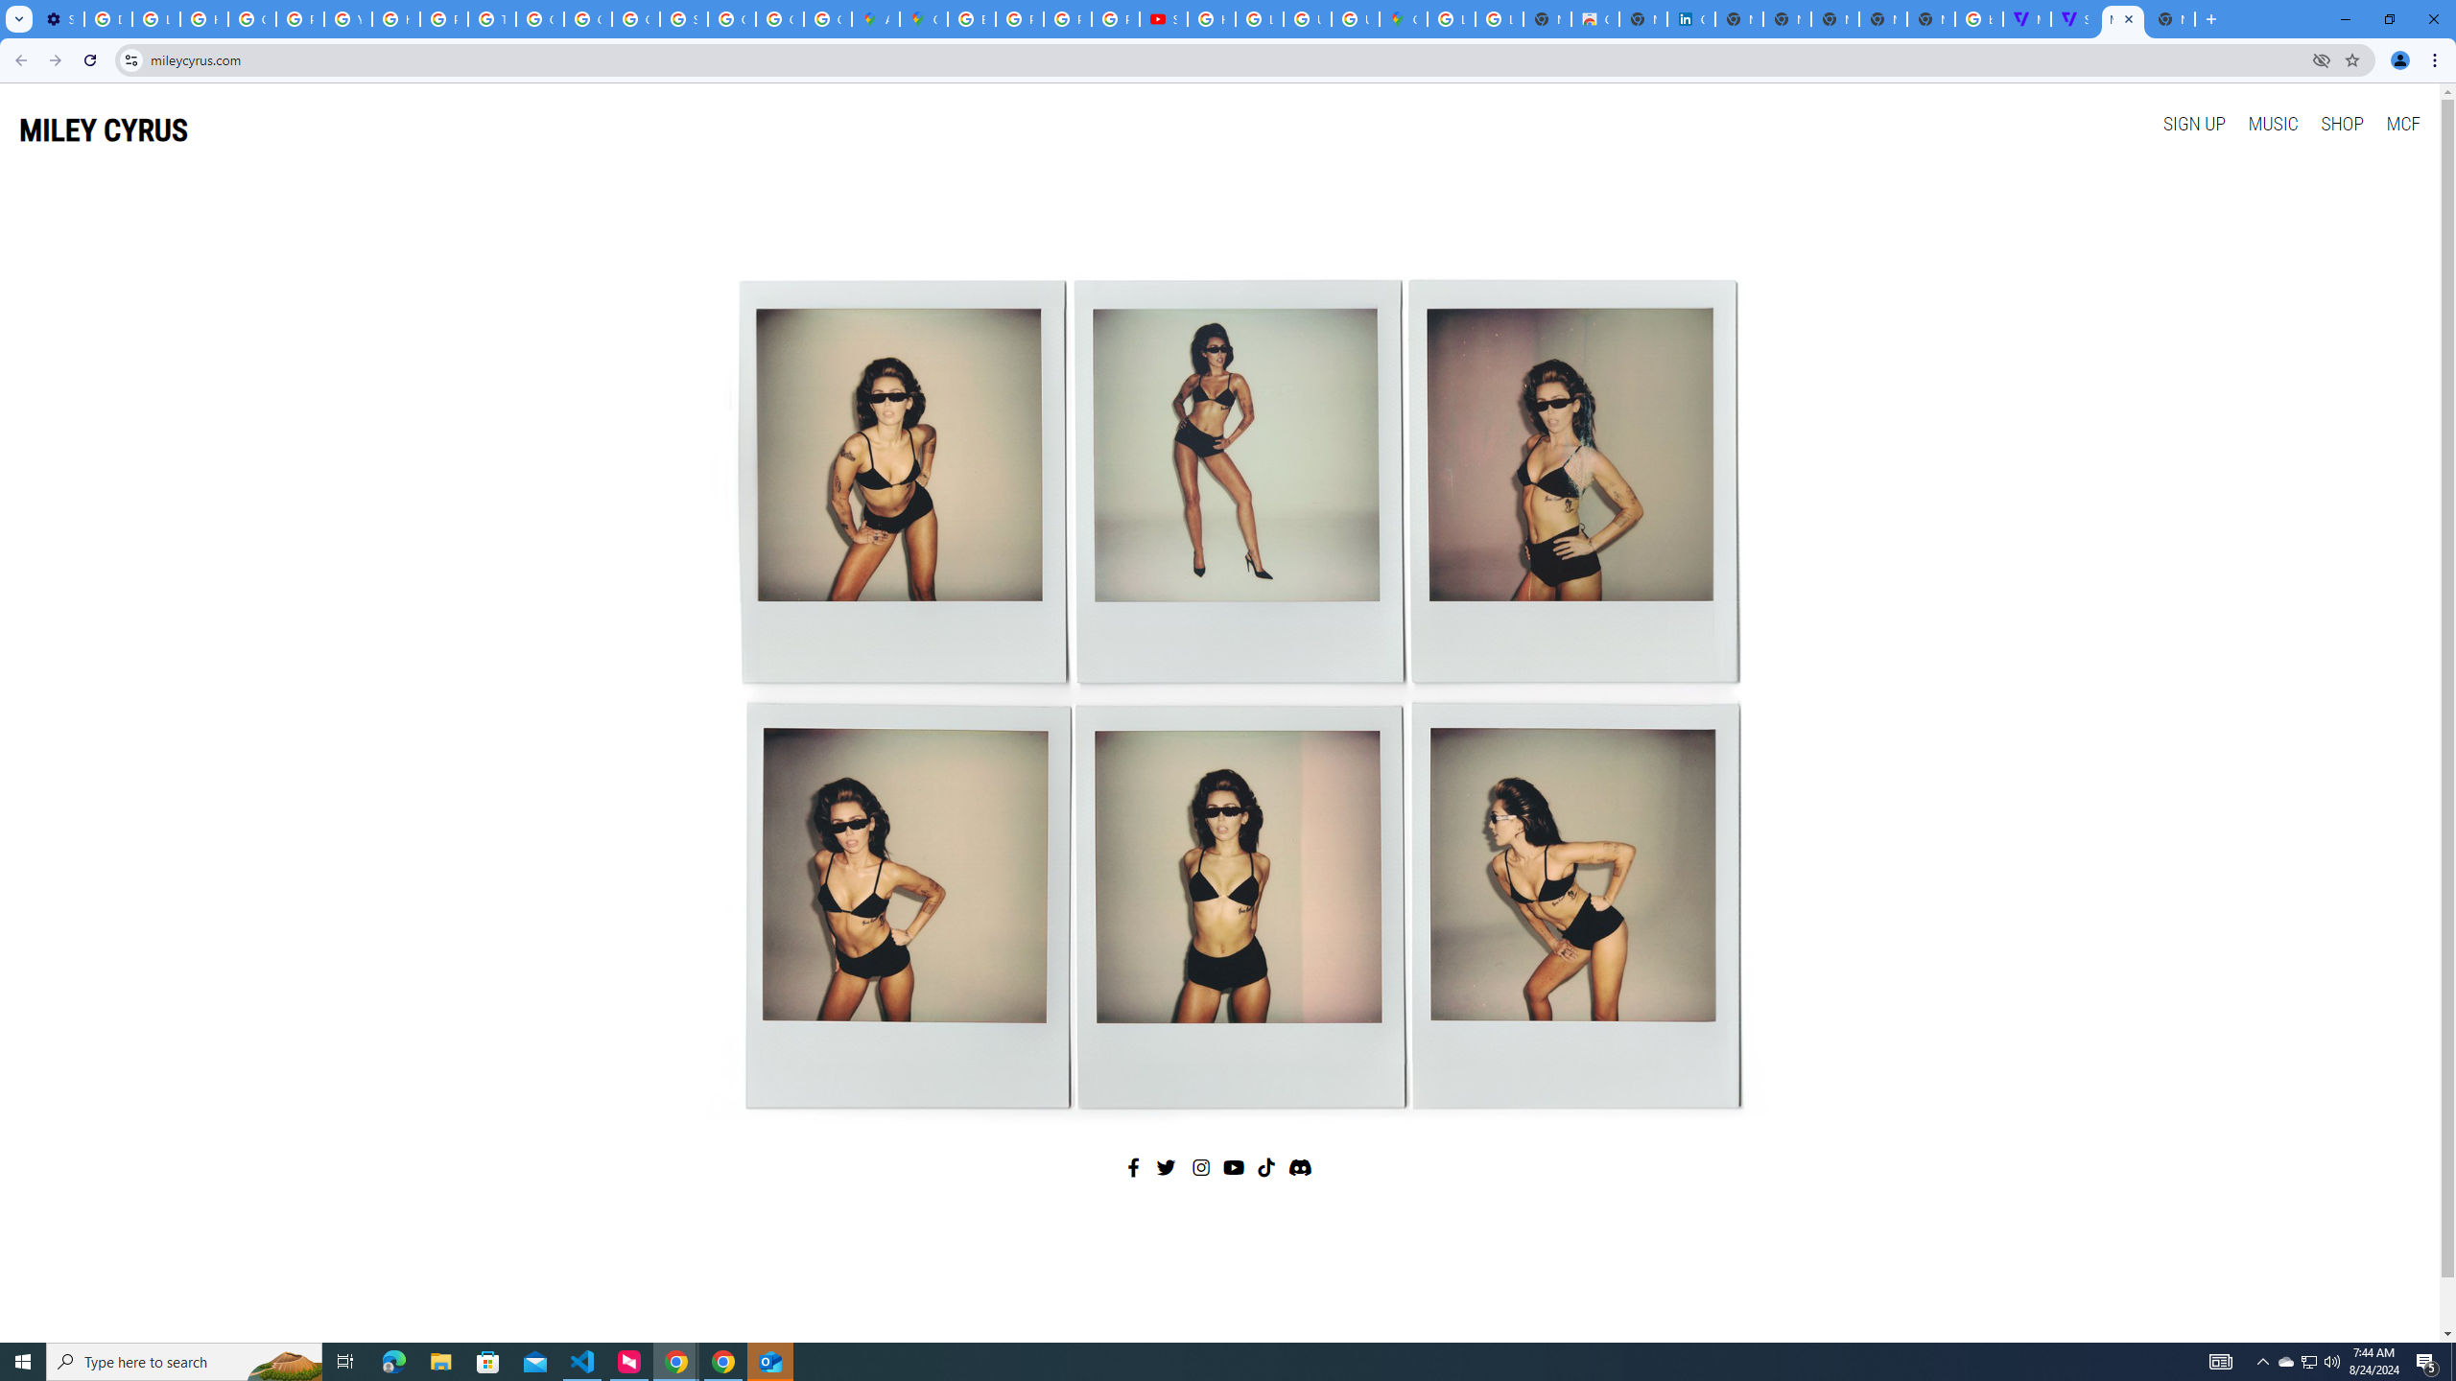  What do you see at coordinates (300, 18) in the screenshot?
I see `'Privacy Help Center - Policies Help'` at bounding box center [300, 18].